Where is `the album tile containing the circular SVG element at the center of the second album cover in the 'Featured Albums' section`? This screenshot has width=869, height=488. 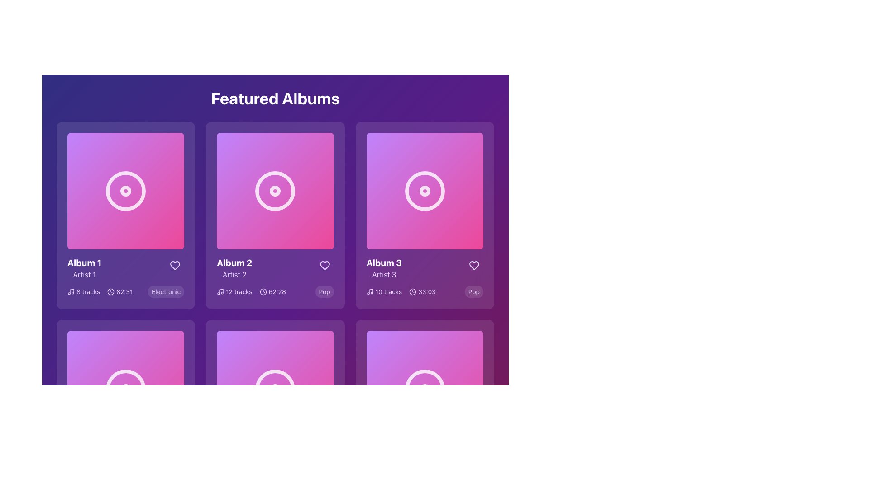 the album tile containing the circular SVG element at the center of the second album cover in the 'Featured Albums' section is located at coordinates (275, 191).